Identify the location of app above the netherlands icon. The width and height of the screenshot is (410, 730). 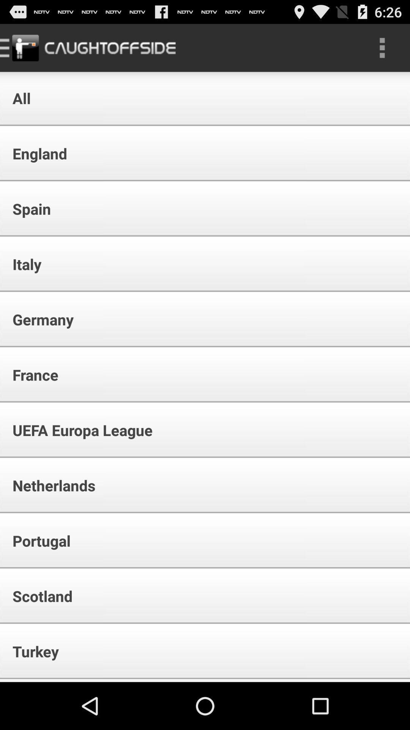
(77, 430).